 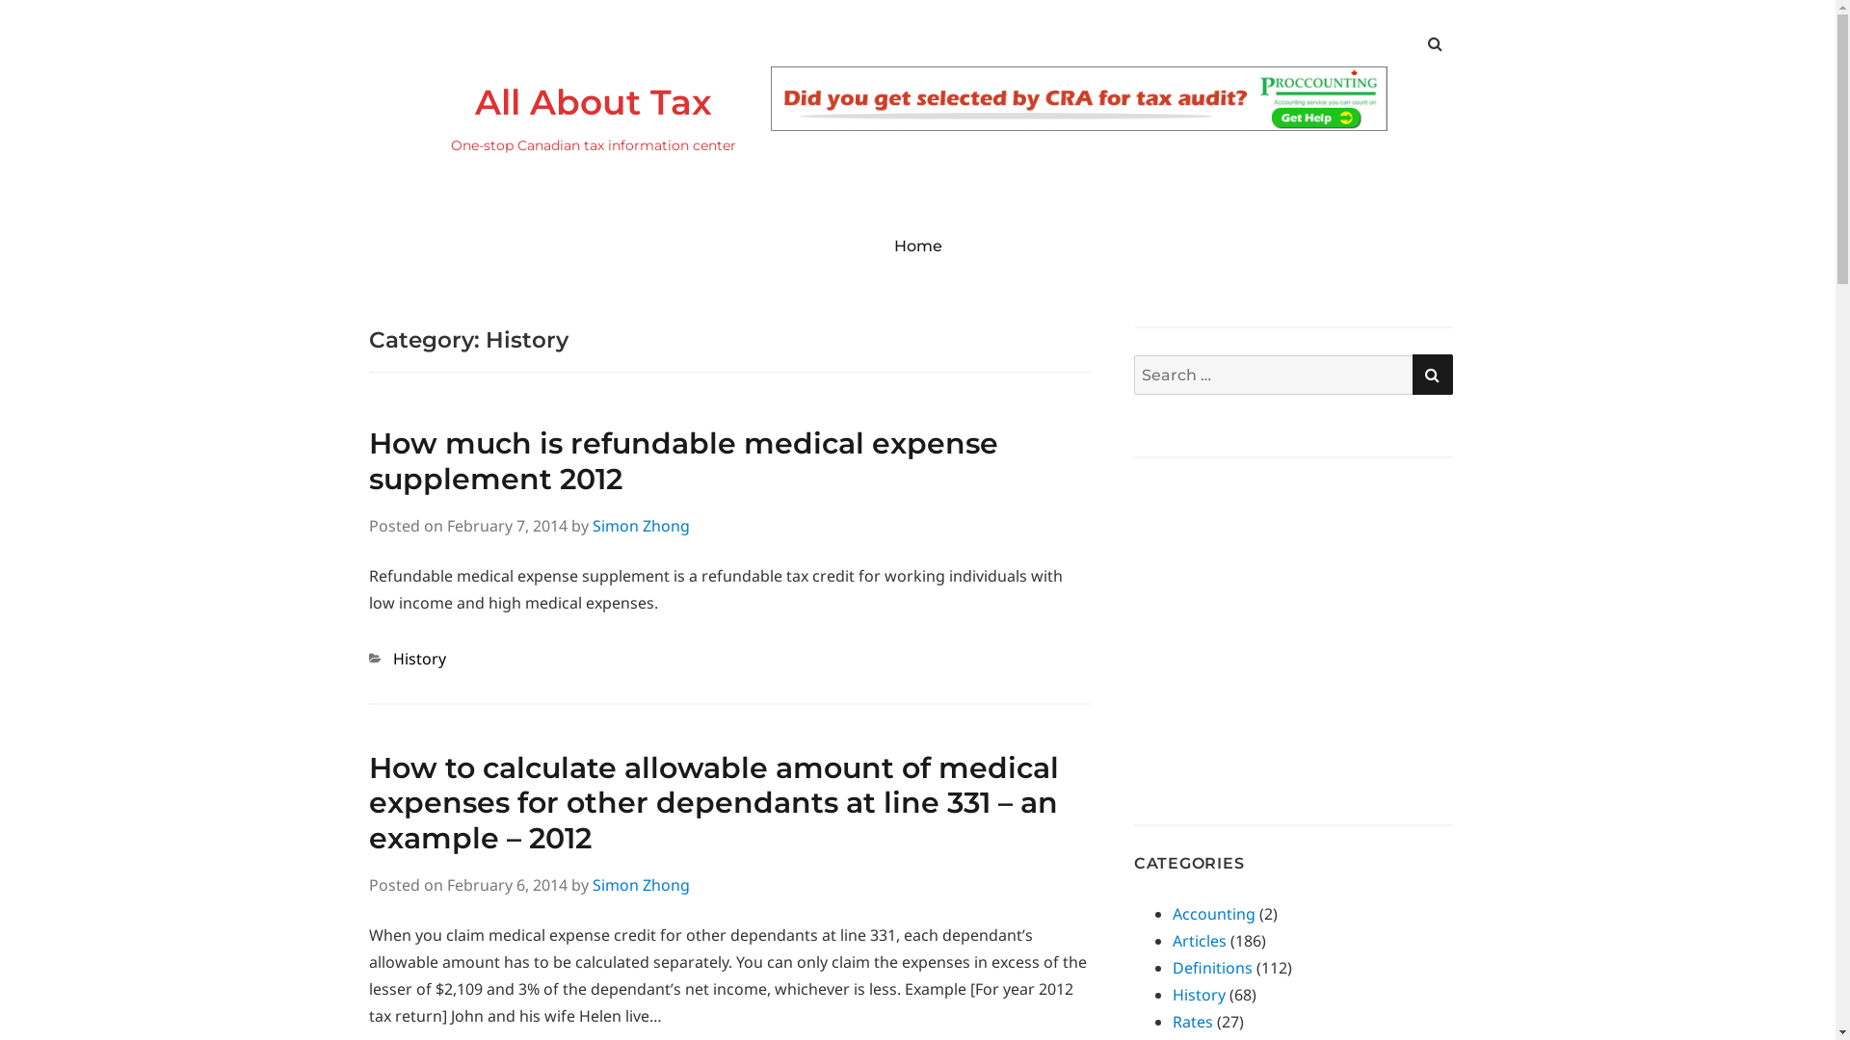 I want to click on 'Rates', so click(x=1192, y=1020).